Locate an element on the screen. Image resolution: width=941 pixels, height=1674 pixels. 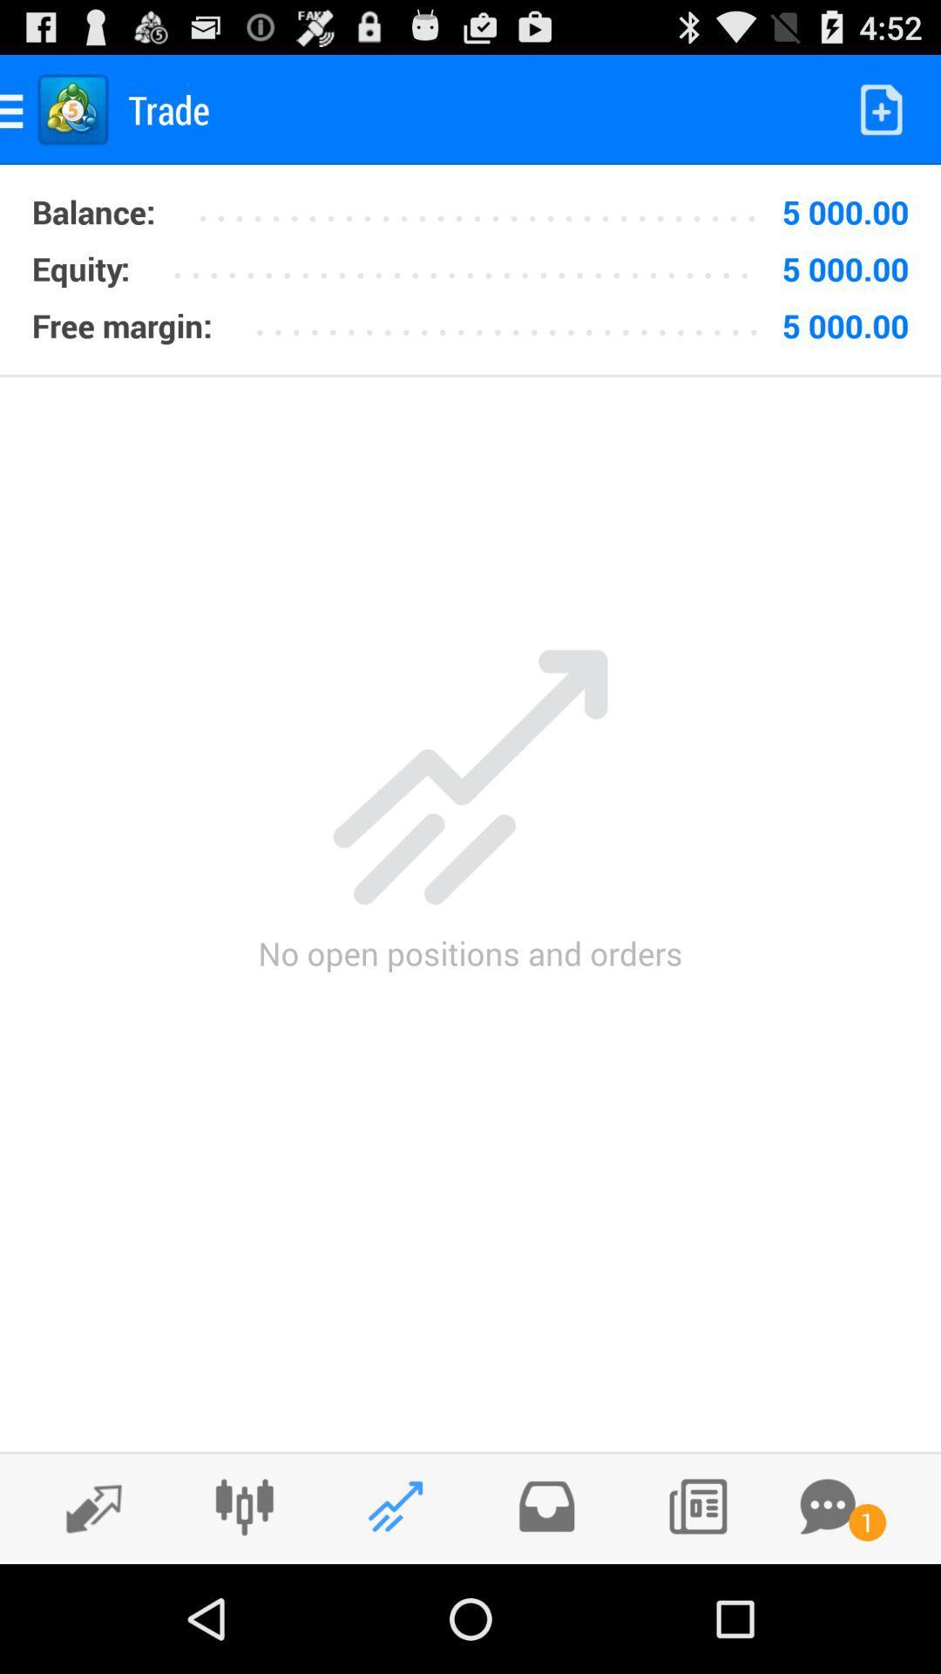
item to the left of 5 000.00 is located at coordinates (484, 206).